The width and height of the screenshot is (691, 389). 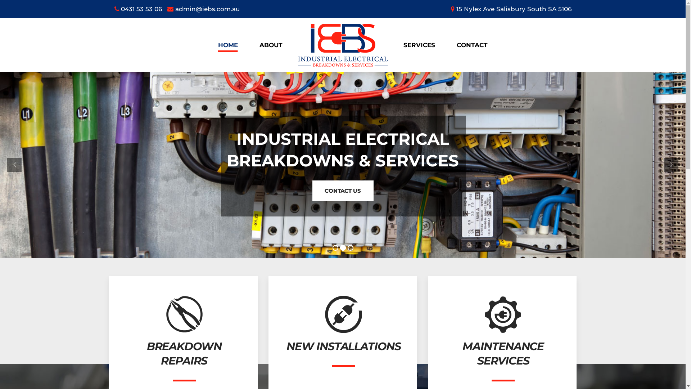 What do you see at coordinates (342, 190) in the screenshot?
I see `'CONTACT US'` at bounding box center [342, 190].